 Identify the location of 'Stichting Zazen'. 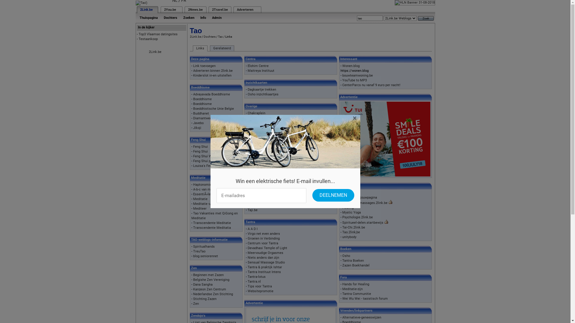
(204, 299).